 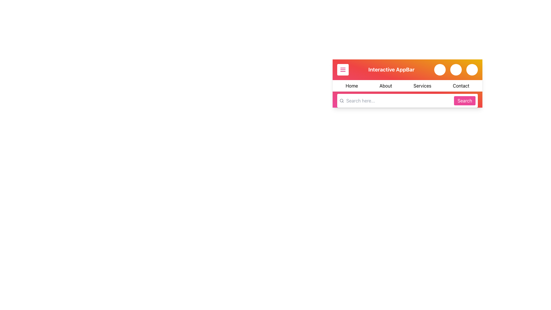 What do you see at coordinates (391, 69) in the screenshot?
I see `the bold, large-sized text 'Interactive AppBar' located centrally in the vibrant gradient-colored navigation bar` at bounding box center [391, 69].